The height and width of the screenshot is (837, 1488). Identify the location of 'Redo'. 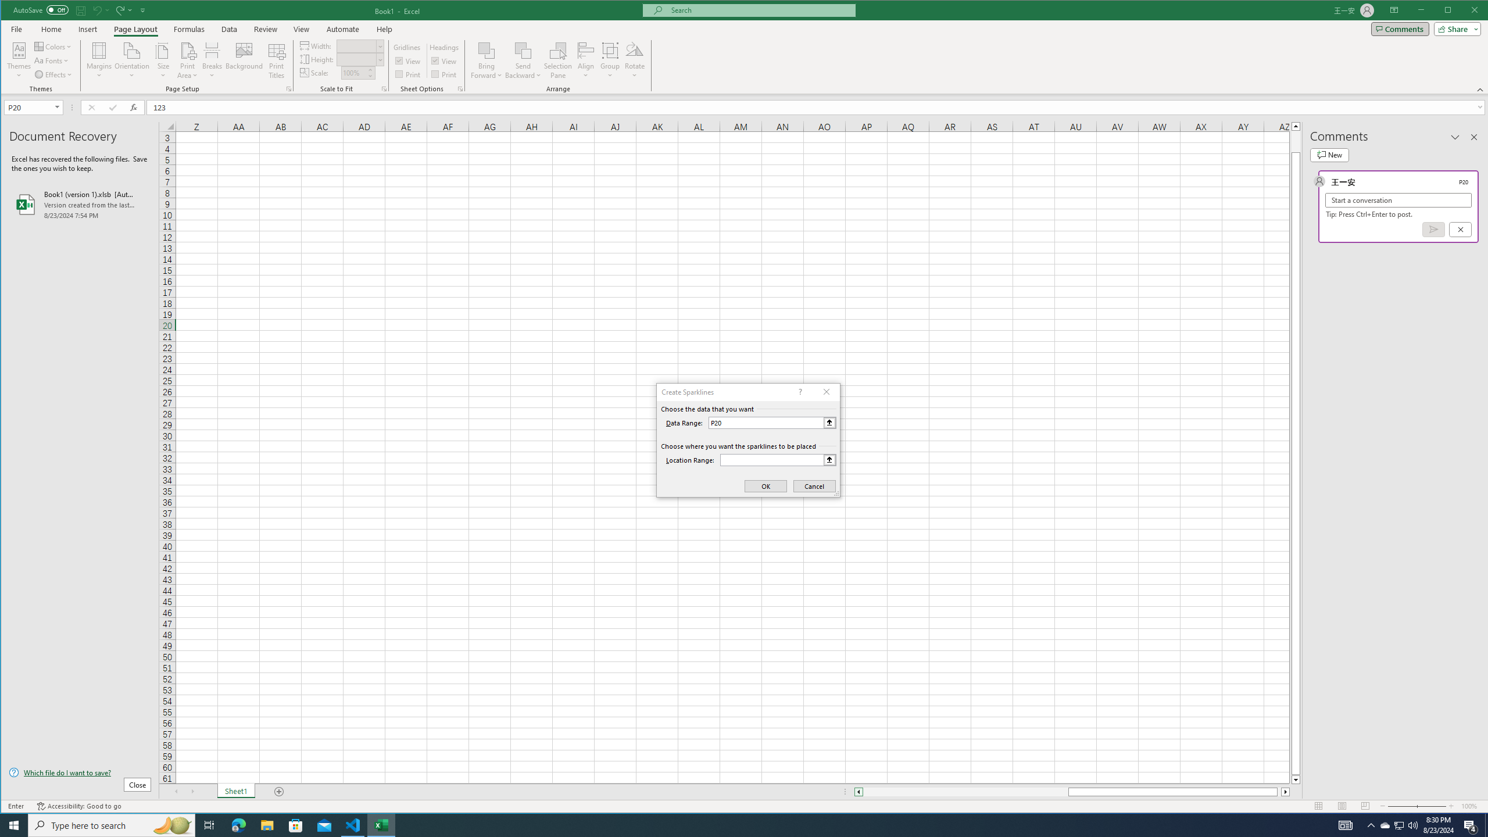
(118, 9).